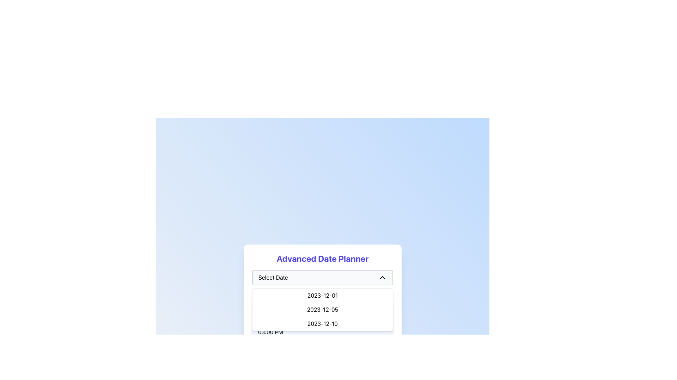  Describe the element at coordinates (322, 309) in the screenshot. I see `the text item displaying the date '2023-12-05' in the dropdown list` at that location.